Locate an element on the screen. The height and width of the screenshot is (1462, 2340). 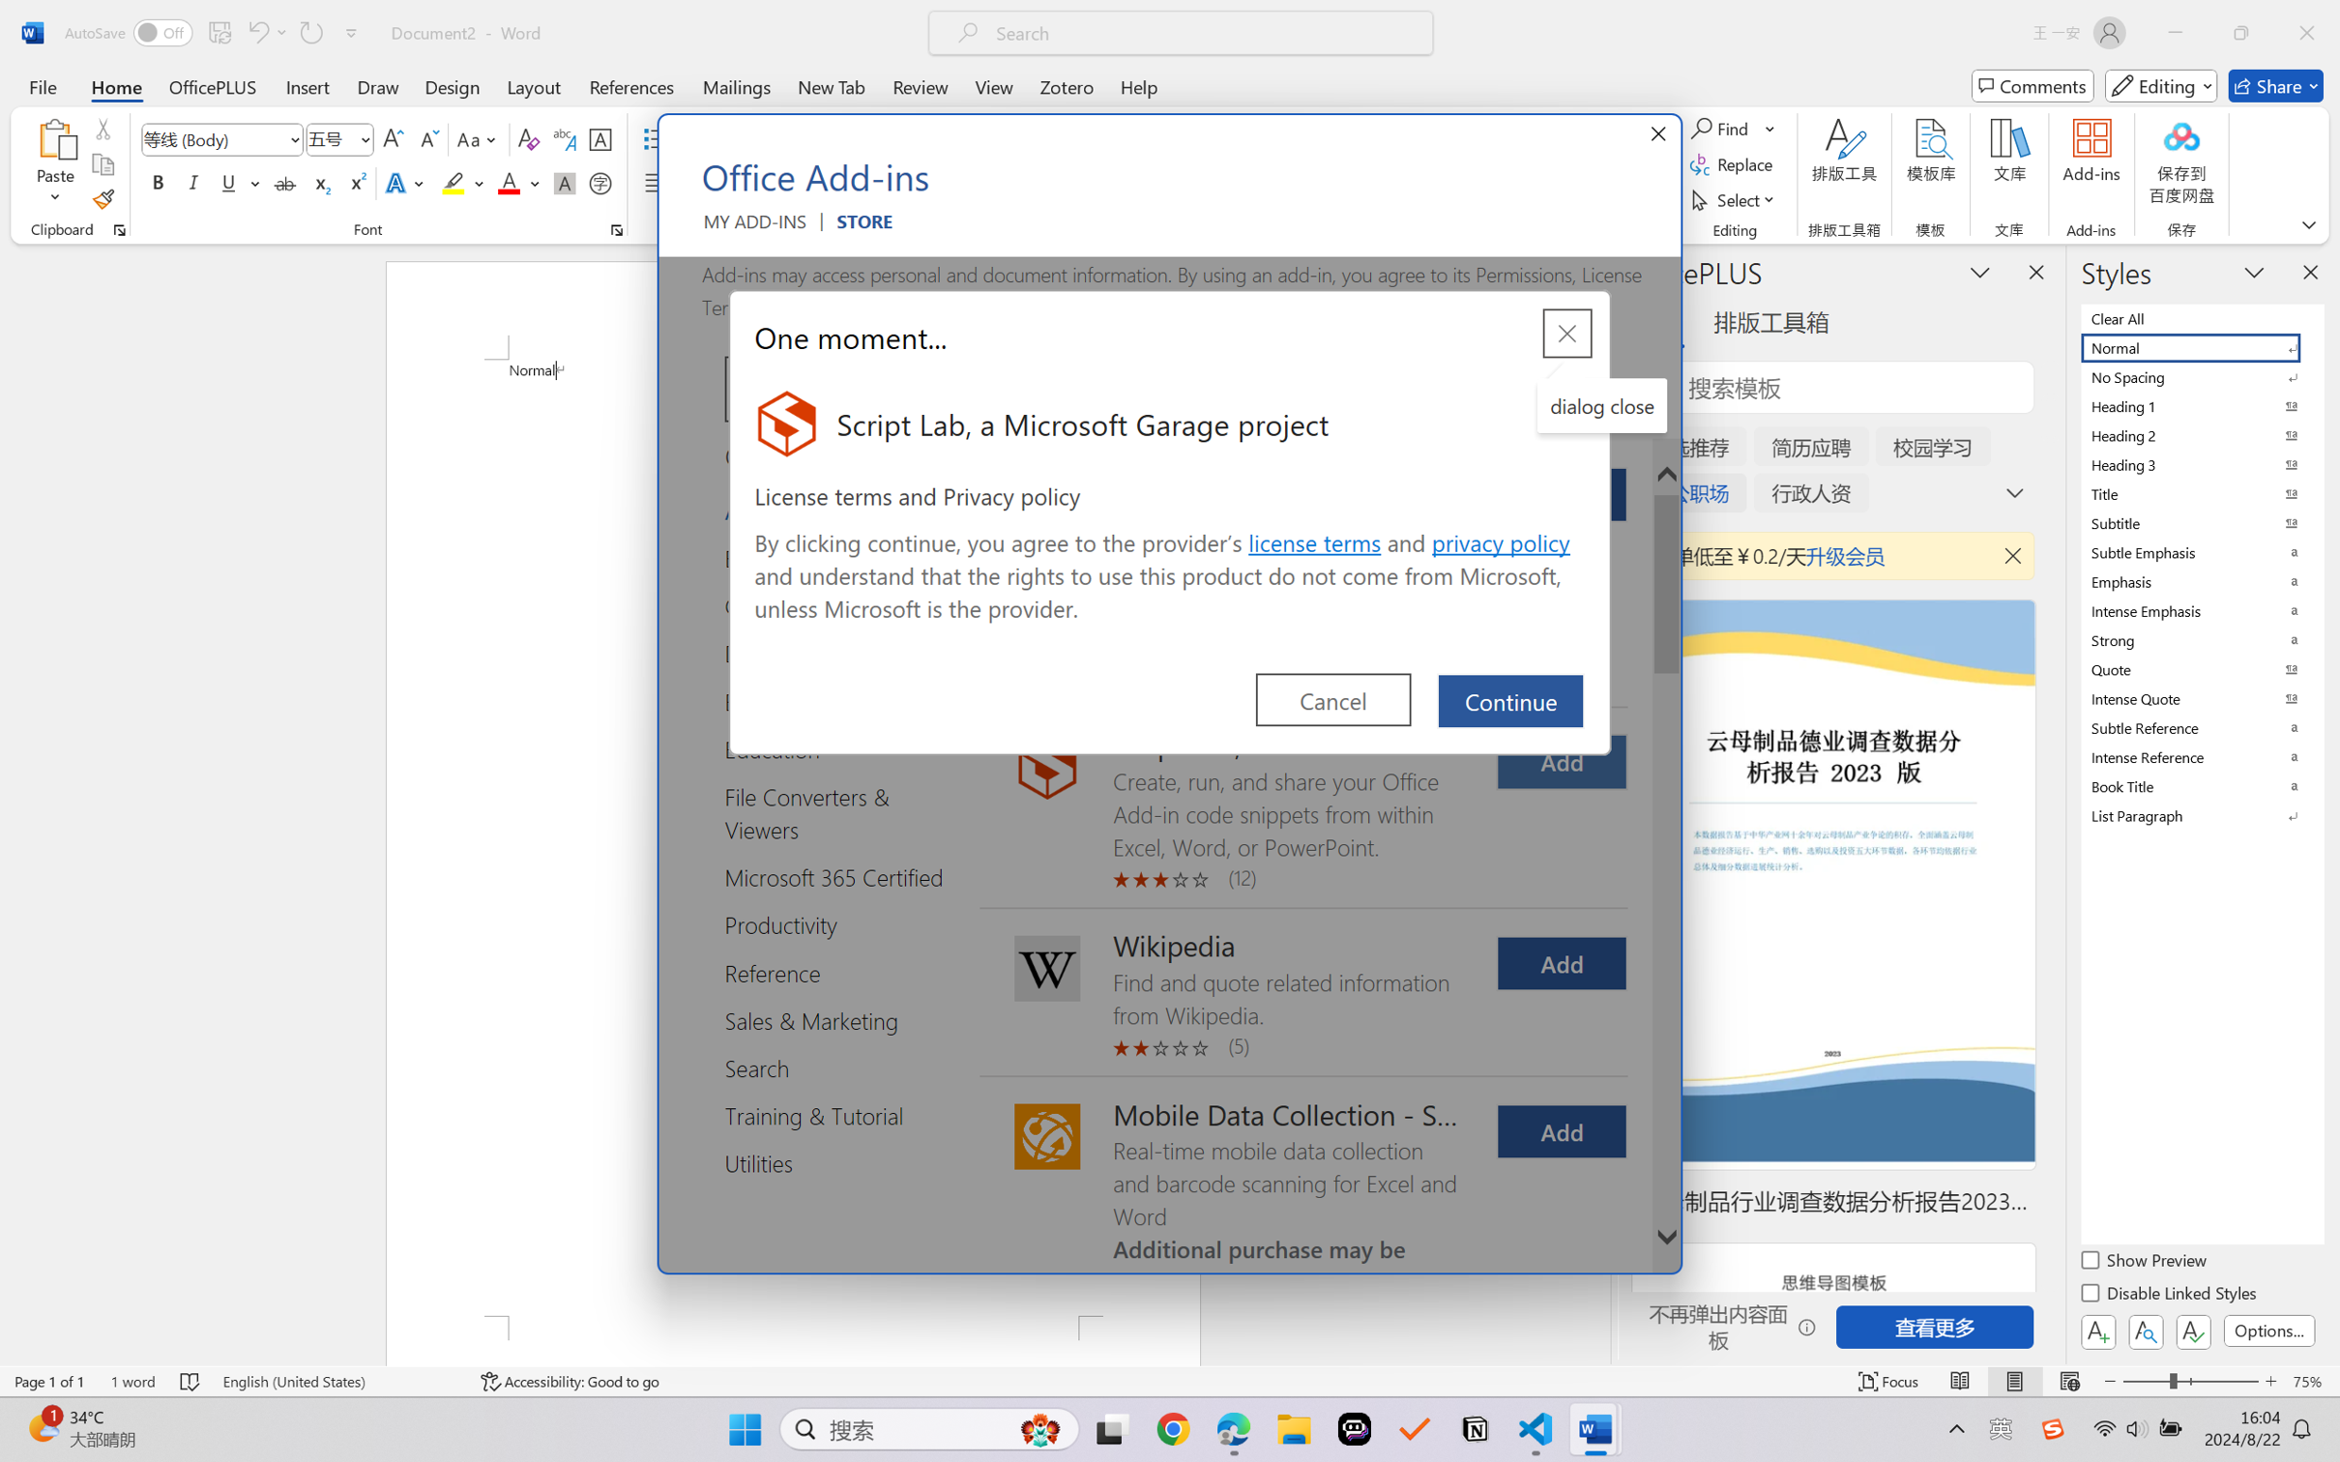
'Character Shading' is located at coordinates (562, 182).